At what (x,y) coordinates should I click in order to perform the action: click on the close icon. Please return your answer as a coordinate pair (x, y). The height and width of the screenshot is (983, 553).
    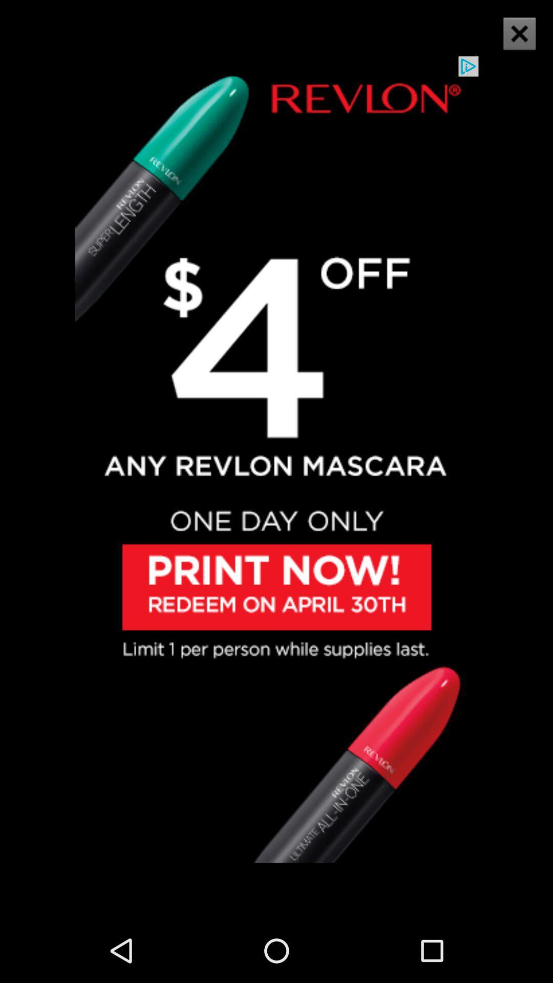
    Looking at the image, I should click on (519, 36).